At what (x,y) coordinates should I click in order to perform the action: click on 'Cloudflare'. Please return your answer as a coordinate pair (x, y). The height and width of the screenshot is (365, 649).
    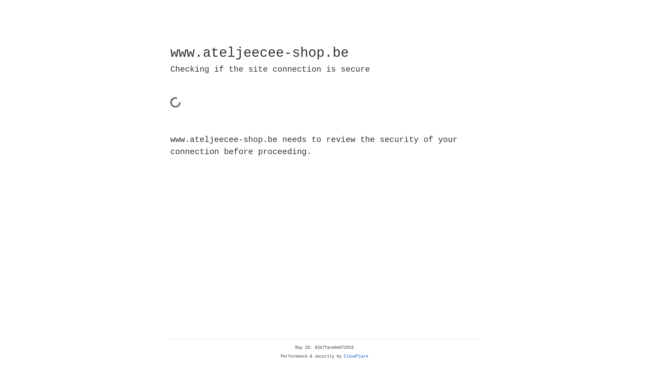
    Looking at the image, I should click on (356, 356).